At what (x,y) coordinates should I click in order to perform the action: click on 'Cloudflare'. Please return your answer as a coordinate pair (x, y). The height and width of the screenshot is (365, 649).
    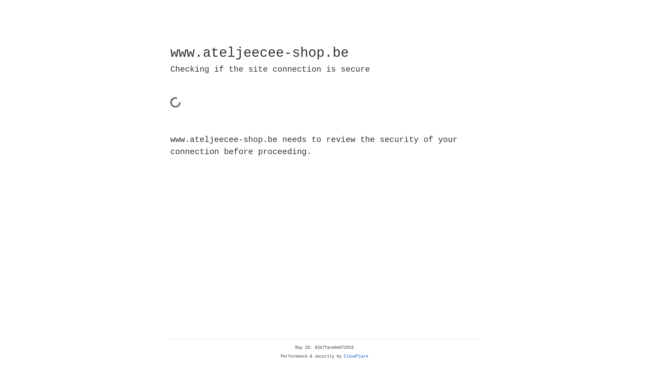
    Looking at the image, I should click on (356, 356).